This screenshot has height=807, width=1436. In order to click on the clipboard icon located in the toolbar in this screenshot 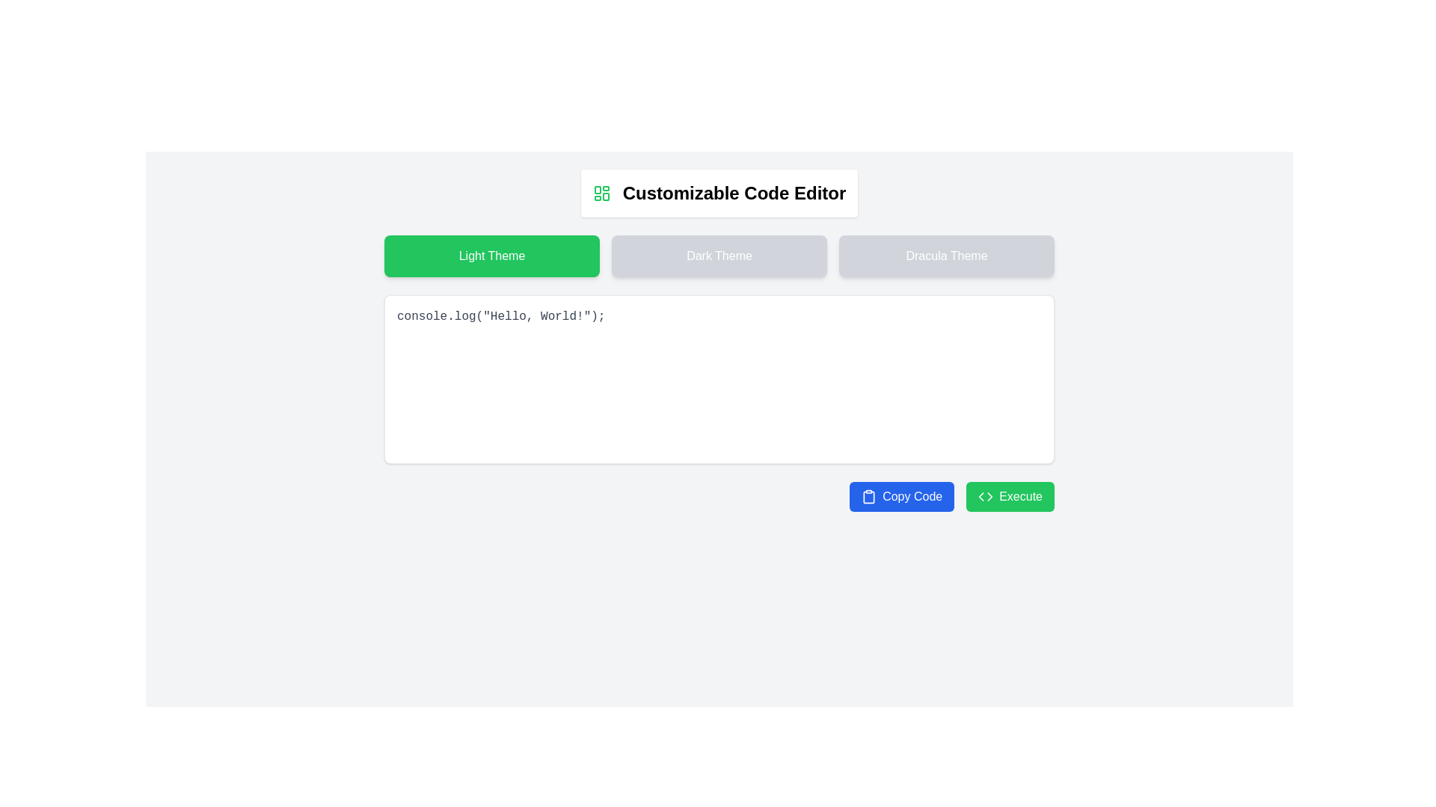, I will do `click(869, 497)`.